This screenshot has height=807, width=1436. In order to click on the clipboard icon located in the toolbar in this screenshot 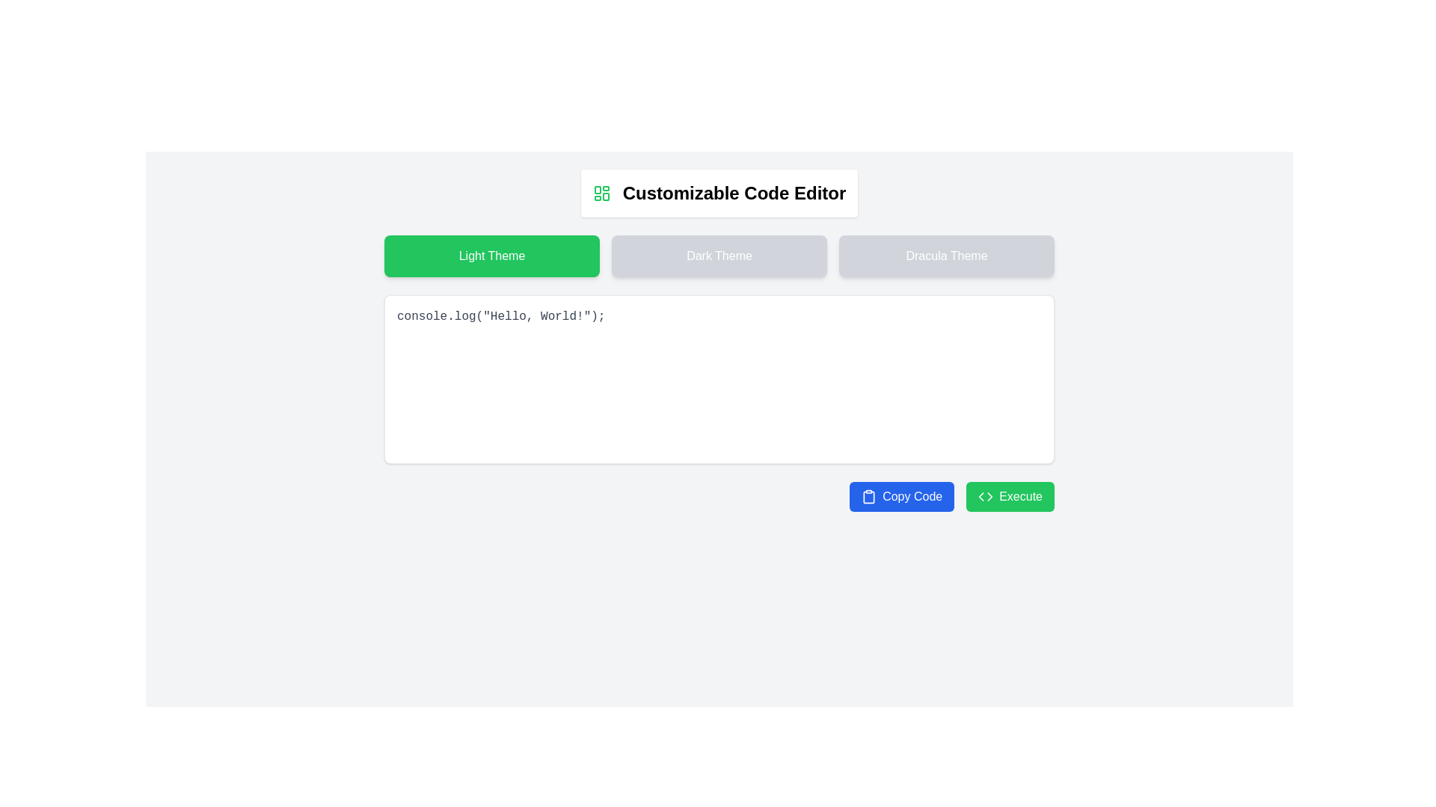, I will do `click(869, 497)`.